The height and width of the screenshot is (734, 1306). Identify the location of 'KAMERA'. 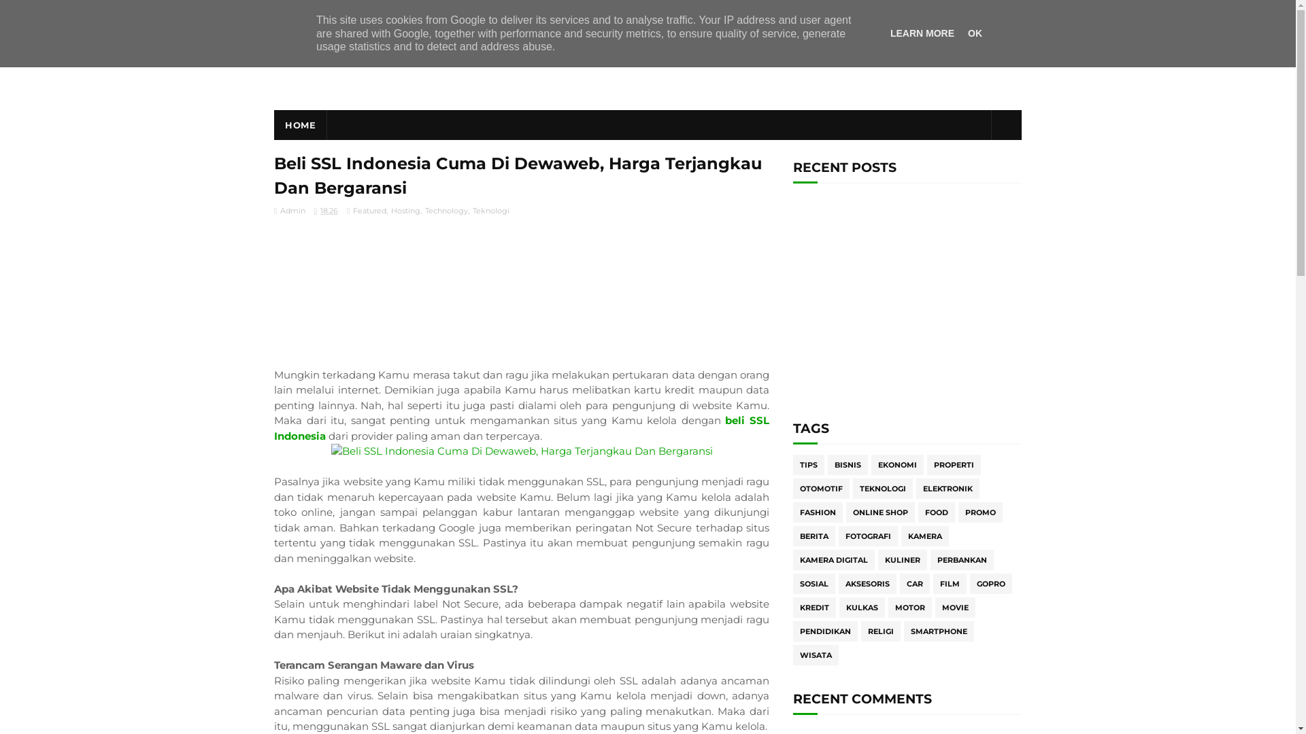
(924, 536).